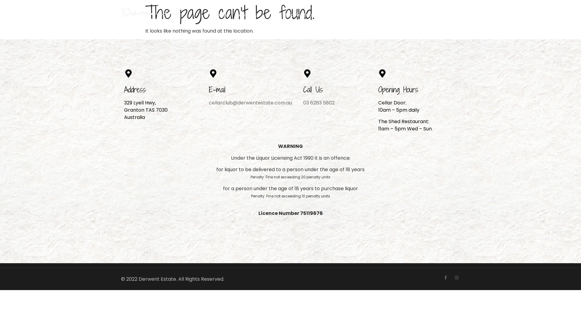 The width and height of the screenshot is (581, 326). What do you see at coordinates (219, 15) in the screenshot?
I see `'Home'` at bounding box center [219, 15].